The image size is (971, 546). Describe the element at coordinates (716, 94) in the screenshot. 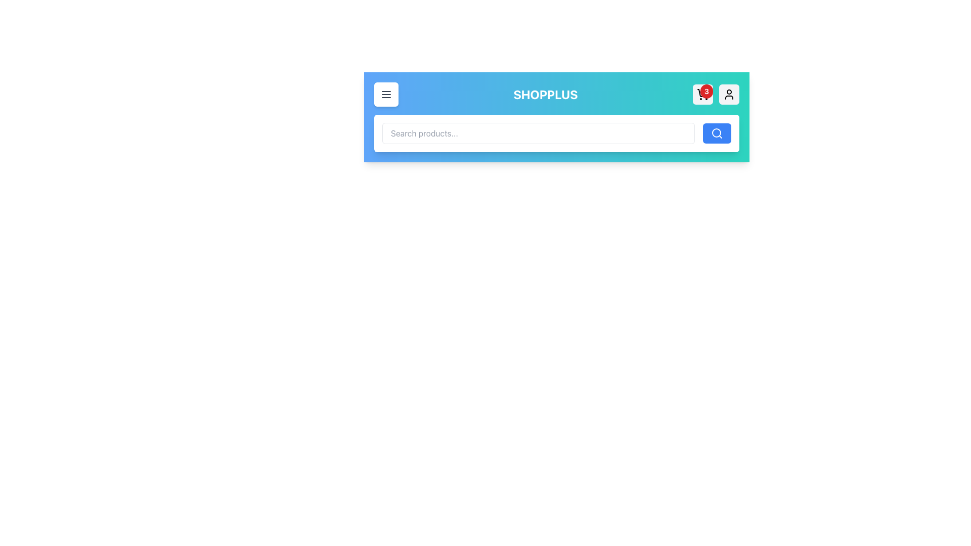

I see `the shopping cart icon adjacent to the red circular notification badge displaying the number '3'` at that location.